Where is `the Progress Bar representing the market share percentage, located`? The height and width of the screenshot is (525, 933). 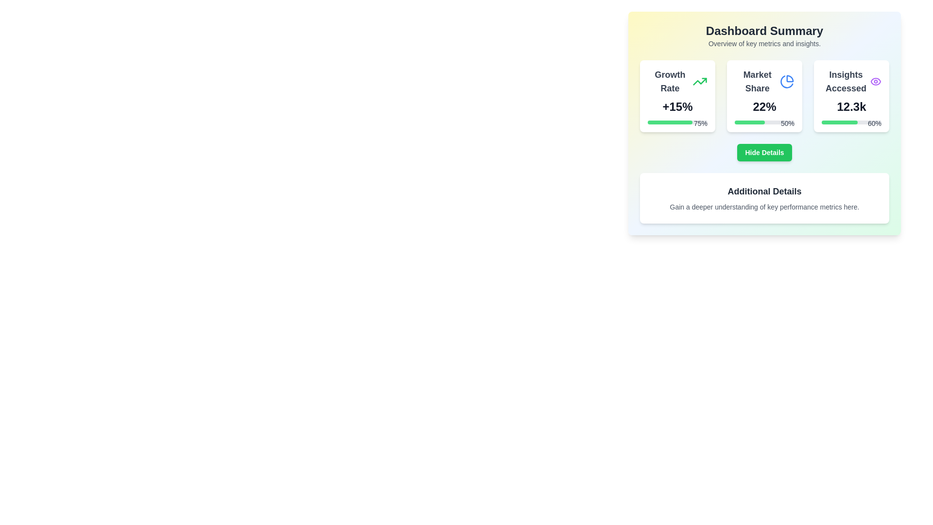
the Progress Bar representing the market share percentage, located is located at coordinates (764, 122).